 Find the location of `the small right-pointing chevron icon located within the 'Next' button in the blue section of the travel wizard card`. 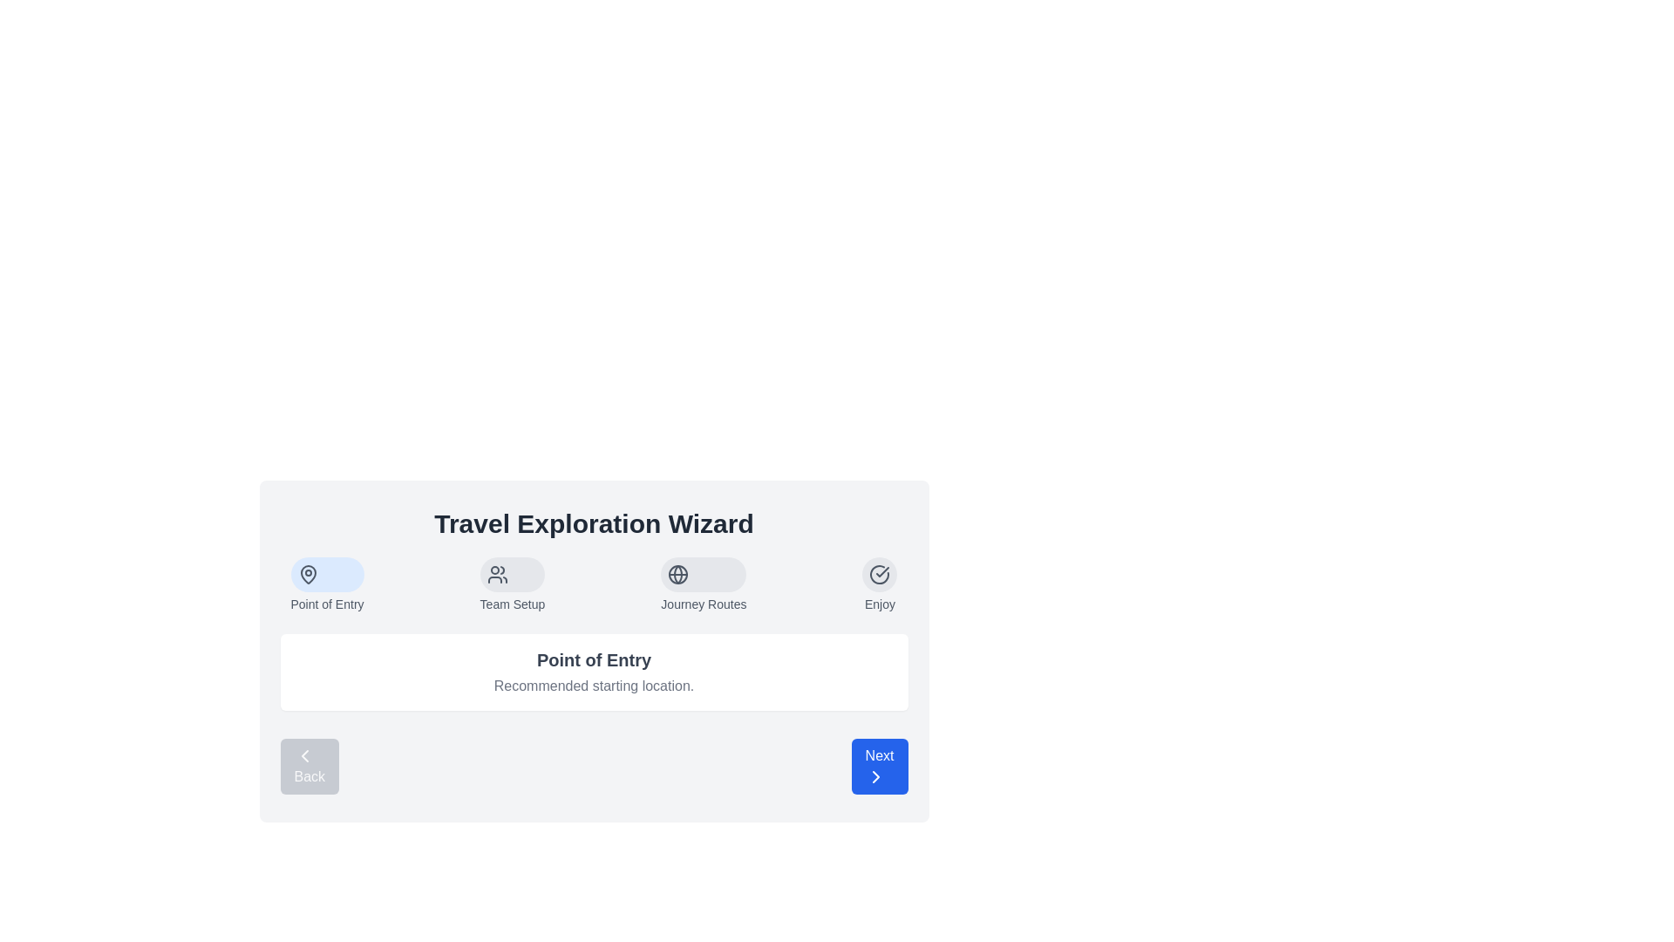

the small right-pointing chevron icon located within the 'Next' button in the blue section of the travel wizard card is located at coordinates (875, 776).